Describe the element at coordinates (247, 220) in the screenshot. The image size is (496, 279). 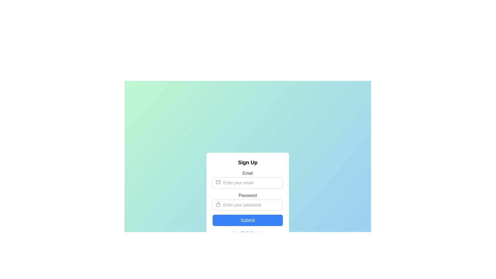
I see `the 'Submit' button located at the bottom of the form` at that location.